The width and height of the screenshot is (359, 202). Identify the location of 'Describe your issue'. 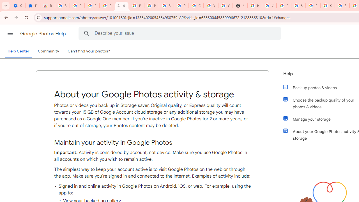
(181, 33).